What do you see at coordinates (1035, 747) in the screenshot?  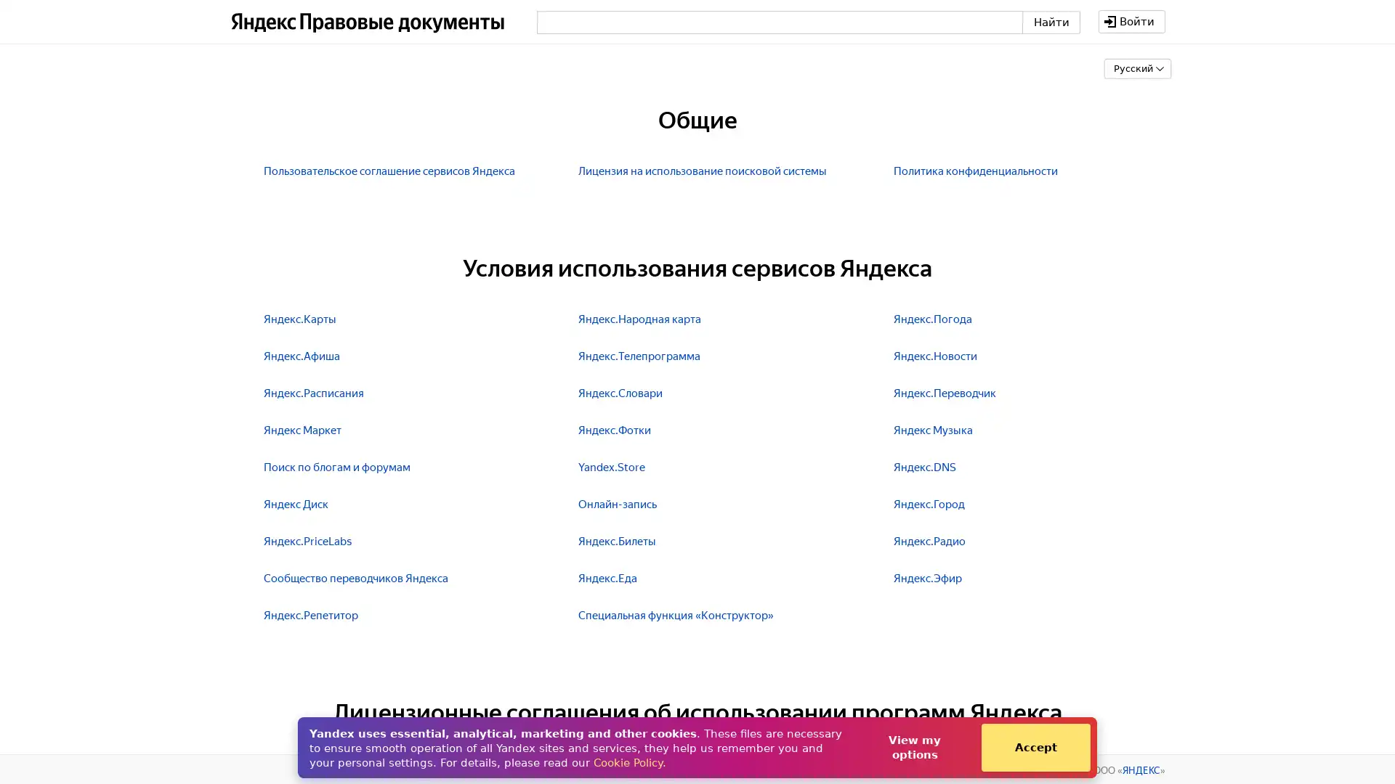 I see `Accept` at bounding box center [1035, 747].